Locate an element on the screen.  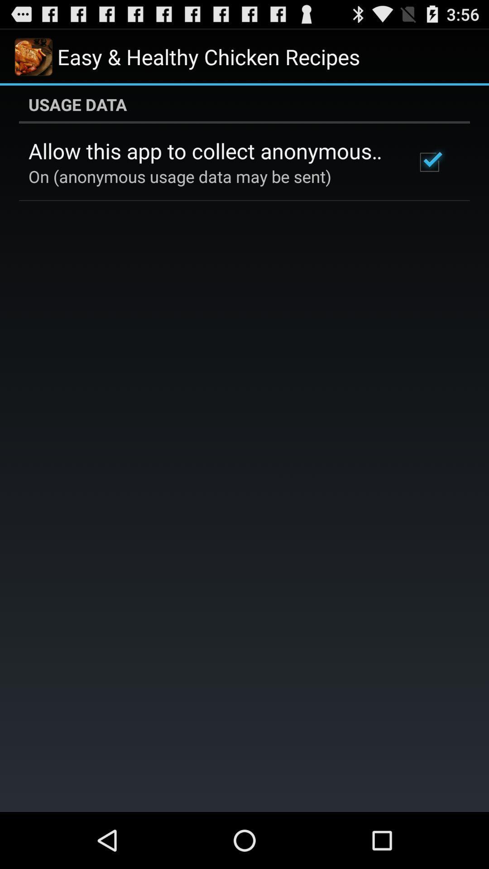
app to the right of allow this app is located at coordinates (429, 162).